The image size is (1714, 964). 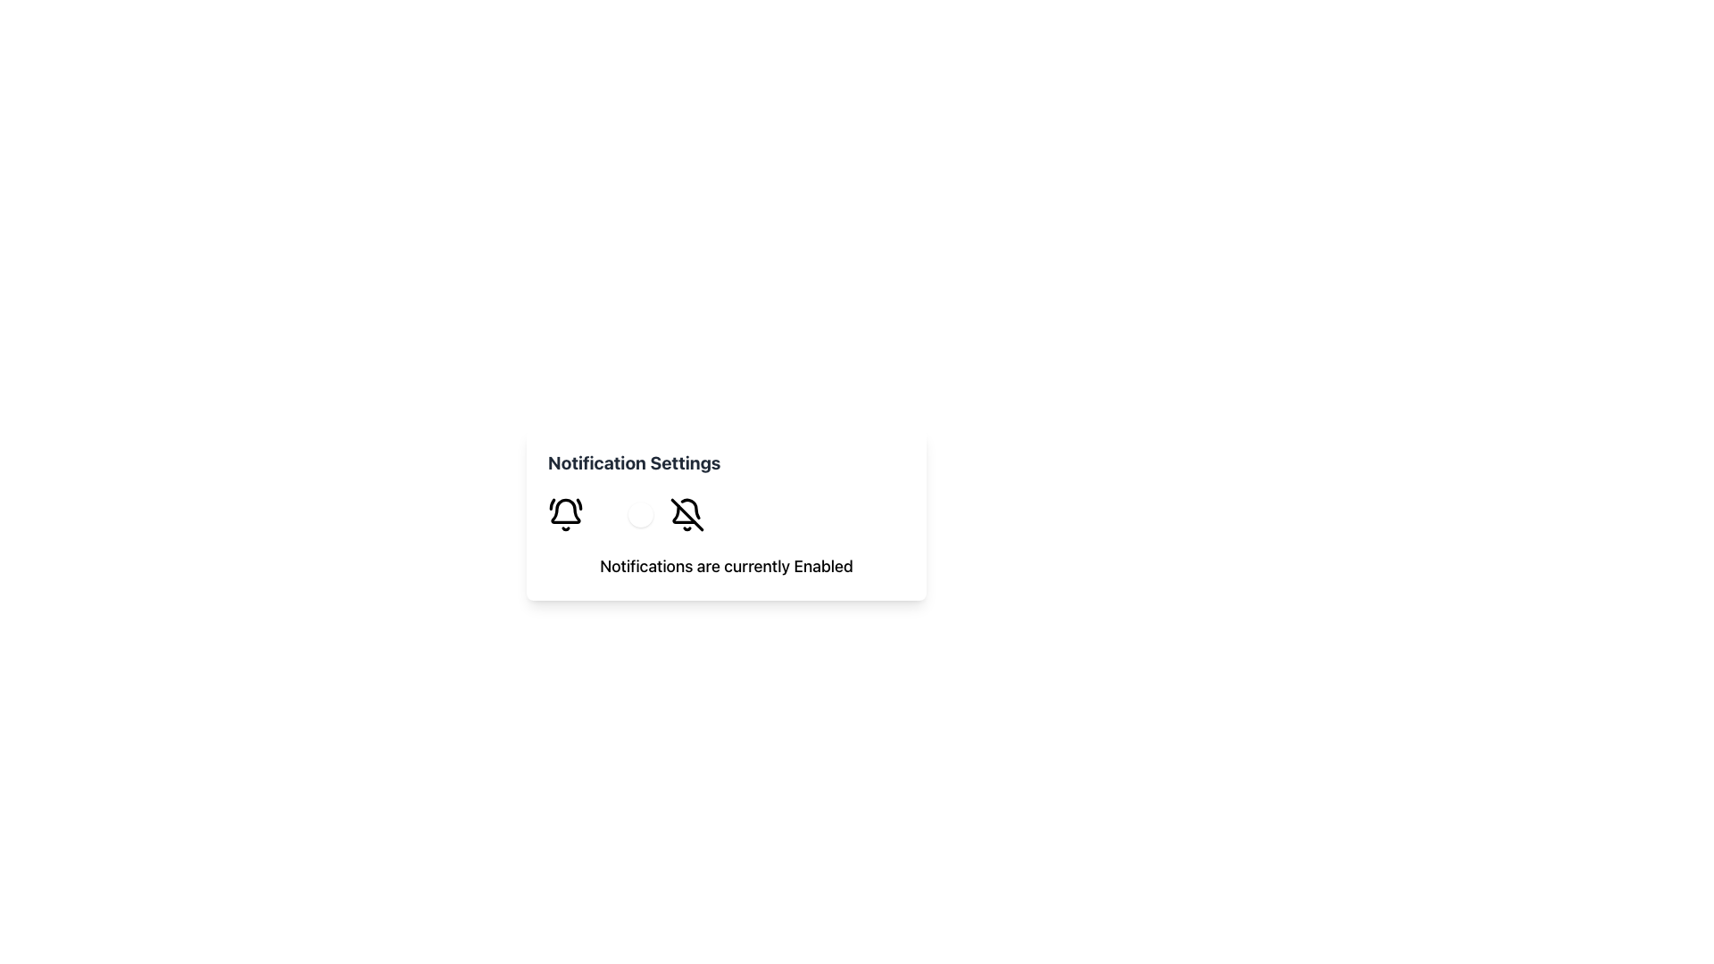 I want to click on the toggle switch with a teal blue background and a circular white knob, located centrally within the notification settings card, so click(x=626, y=515).